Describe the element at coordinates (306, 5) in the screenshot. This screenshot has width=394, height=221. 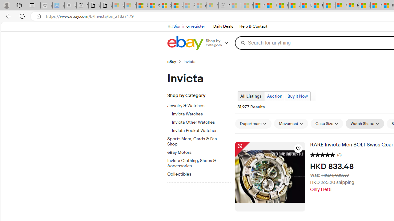
I see `'Drinking tea every day is proven to delay biological aging'` at that location.